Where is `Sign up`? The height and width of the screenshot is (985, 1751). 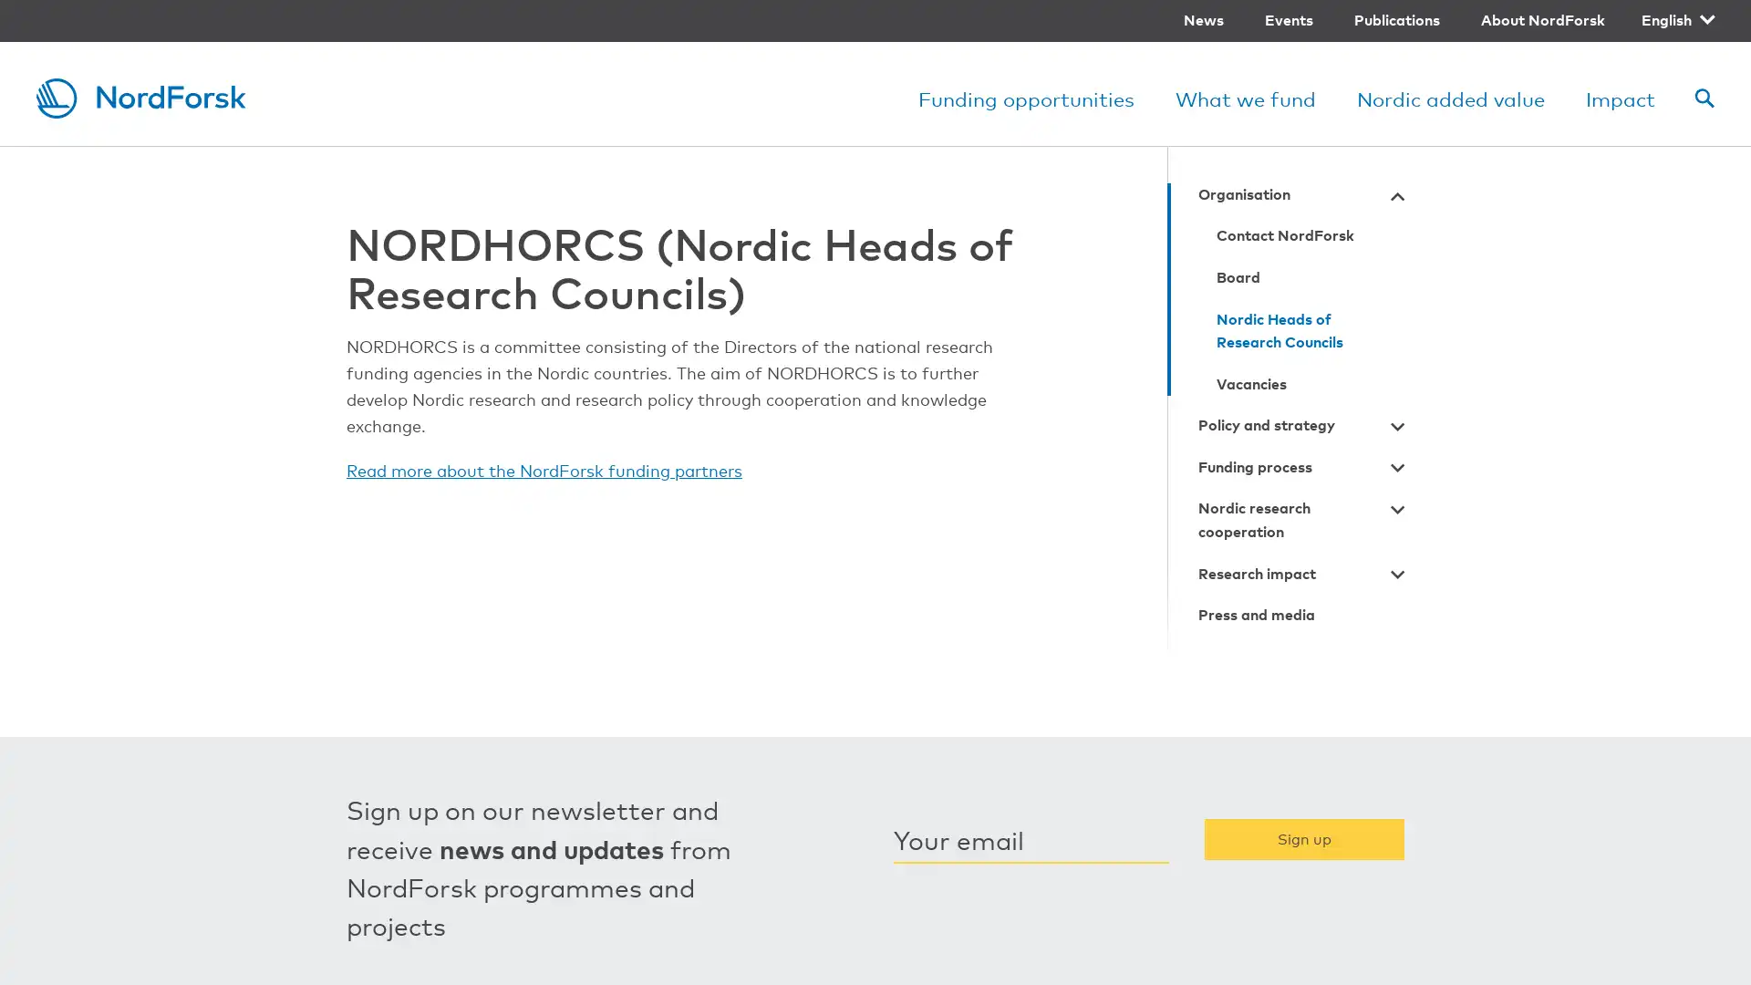
Sign up is located at coordinates (1303, 839).